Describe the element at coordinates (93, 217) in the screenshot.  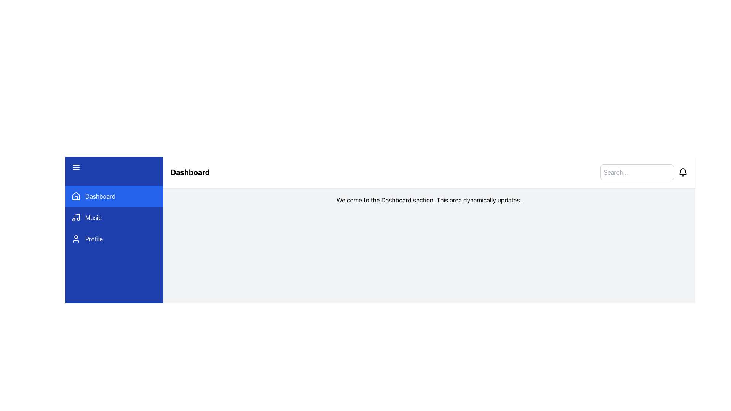
I see `the 'Music' text label in the sidebar menu, which is positioned immediately to the right of a musical note icon` at that location.